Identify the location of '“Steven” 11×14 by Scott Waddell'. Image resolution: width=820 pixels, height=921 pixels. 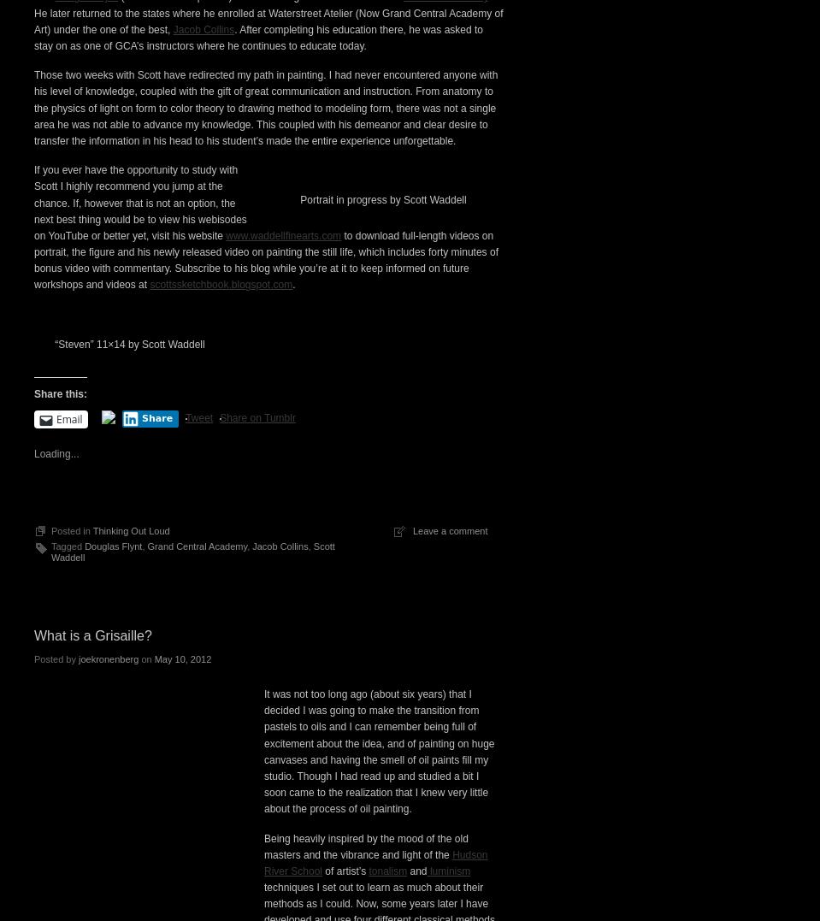
(128, 640).